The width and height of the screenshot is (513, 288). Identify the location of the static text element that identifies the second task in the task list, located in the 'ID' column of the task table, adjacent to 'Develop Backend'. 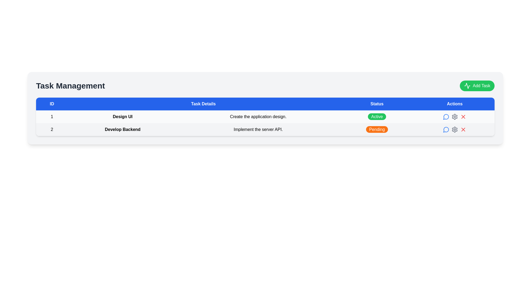
(52, 130).